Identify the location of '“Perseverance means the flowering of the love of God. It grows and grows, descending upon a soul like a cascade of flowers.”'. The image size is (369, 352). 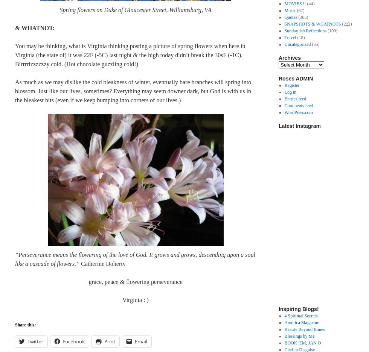
(135, 259).